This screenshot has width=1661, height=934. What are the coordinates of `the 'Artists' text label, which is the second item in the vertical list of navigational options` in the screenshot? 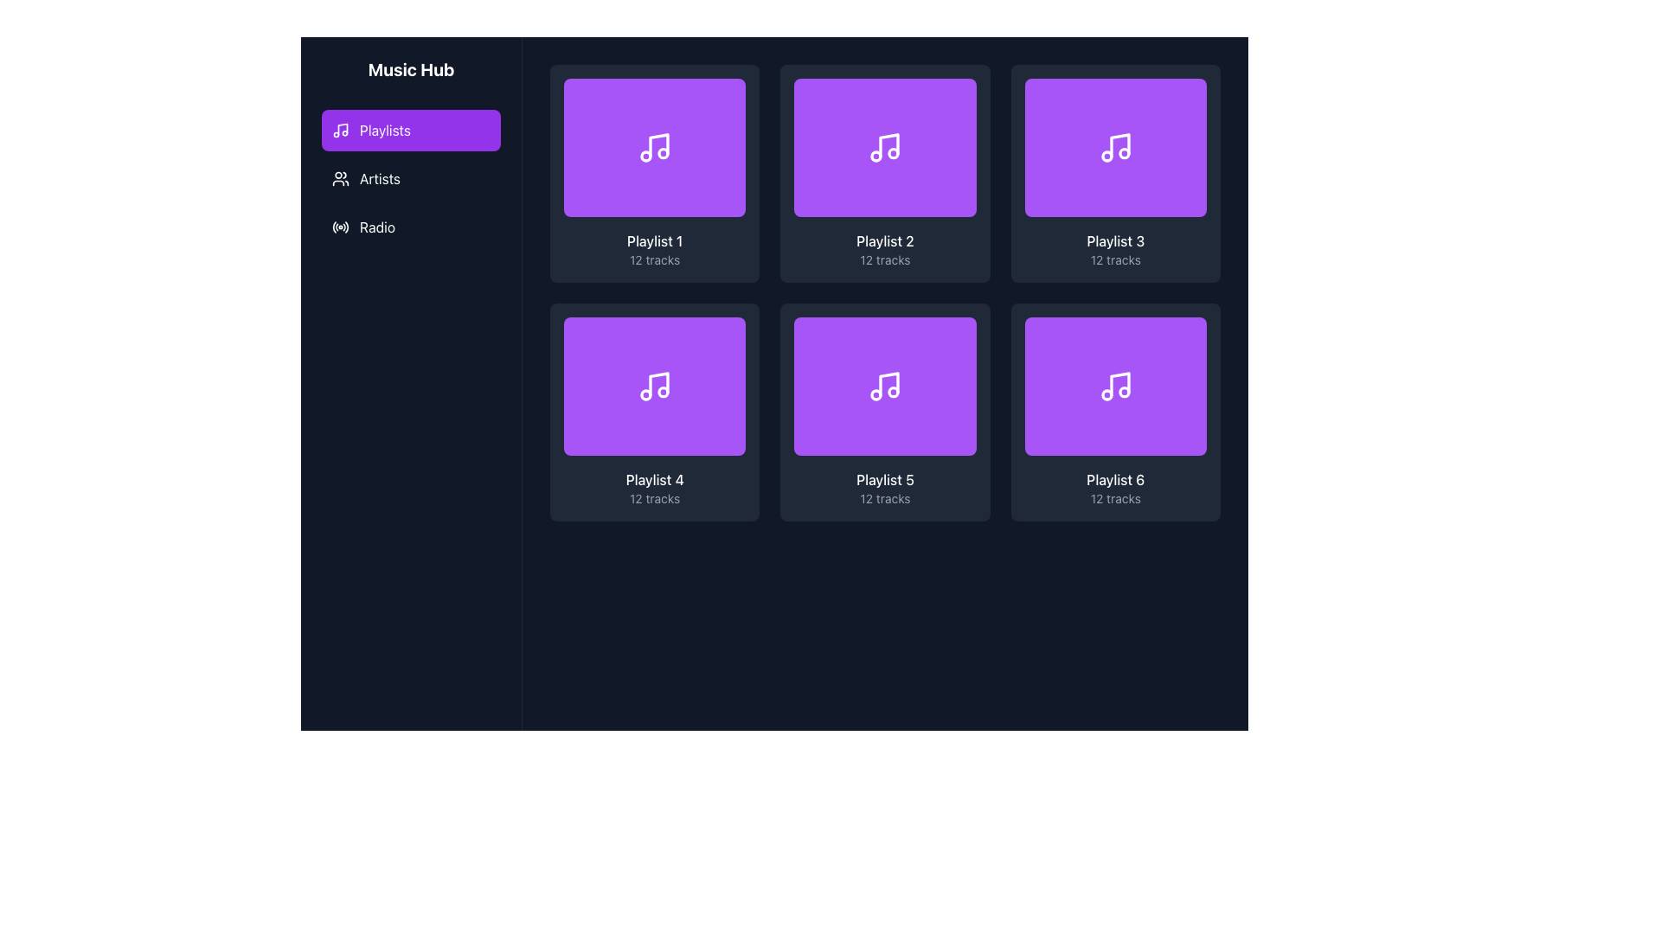 It's located at (379, 179).